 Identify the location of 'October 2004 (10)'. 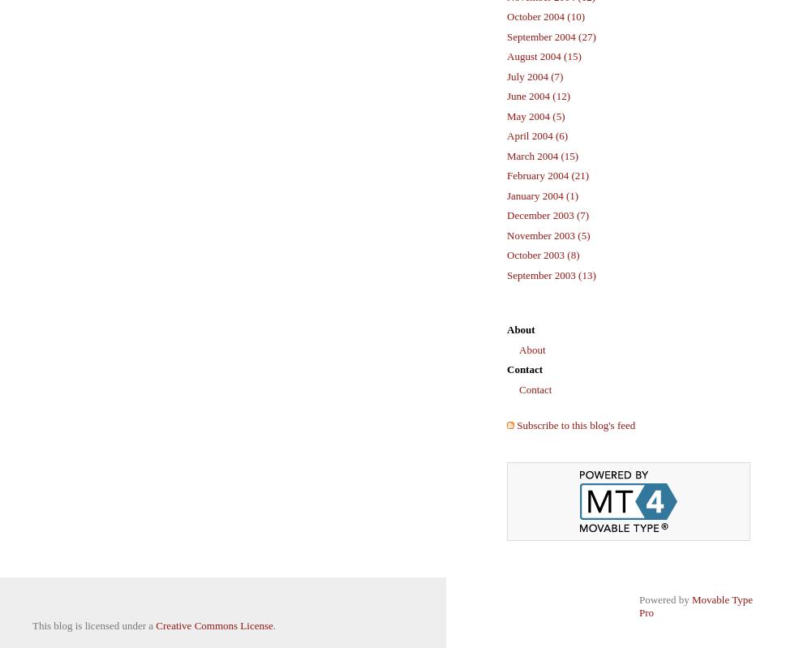
(545, 16).